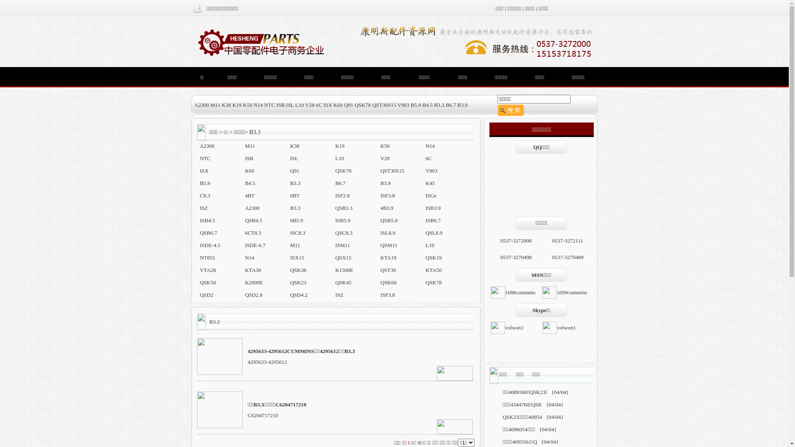 This screenshot has width=795, height=447. What do you see at coordinates (207, 257) in the screenshot?
I see `'NT855'` at bounding box center [207, 257].